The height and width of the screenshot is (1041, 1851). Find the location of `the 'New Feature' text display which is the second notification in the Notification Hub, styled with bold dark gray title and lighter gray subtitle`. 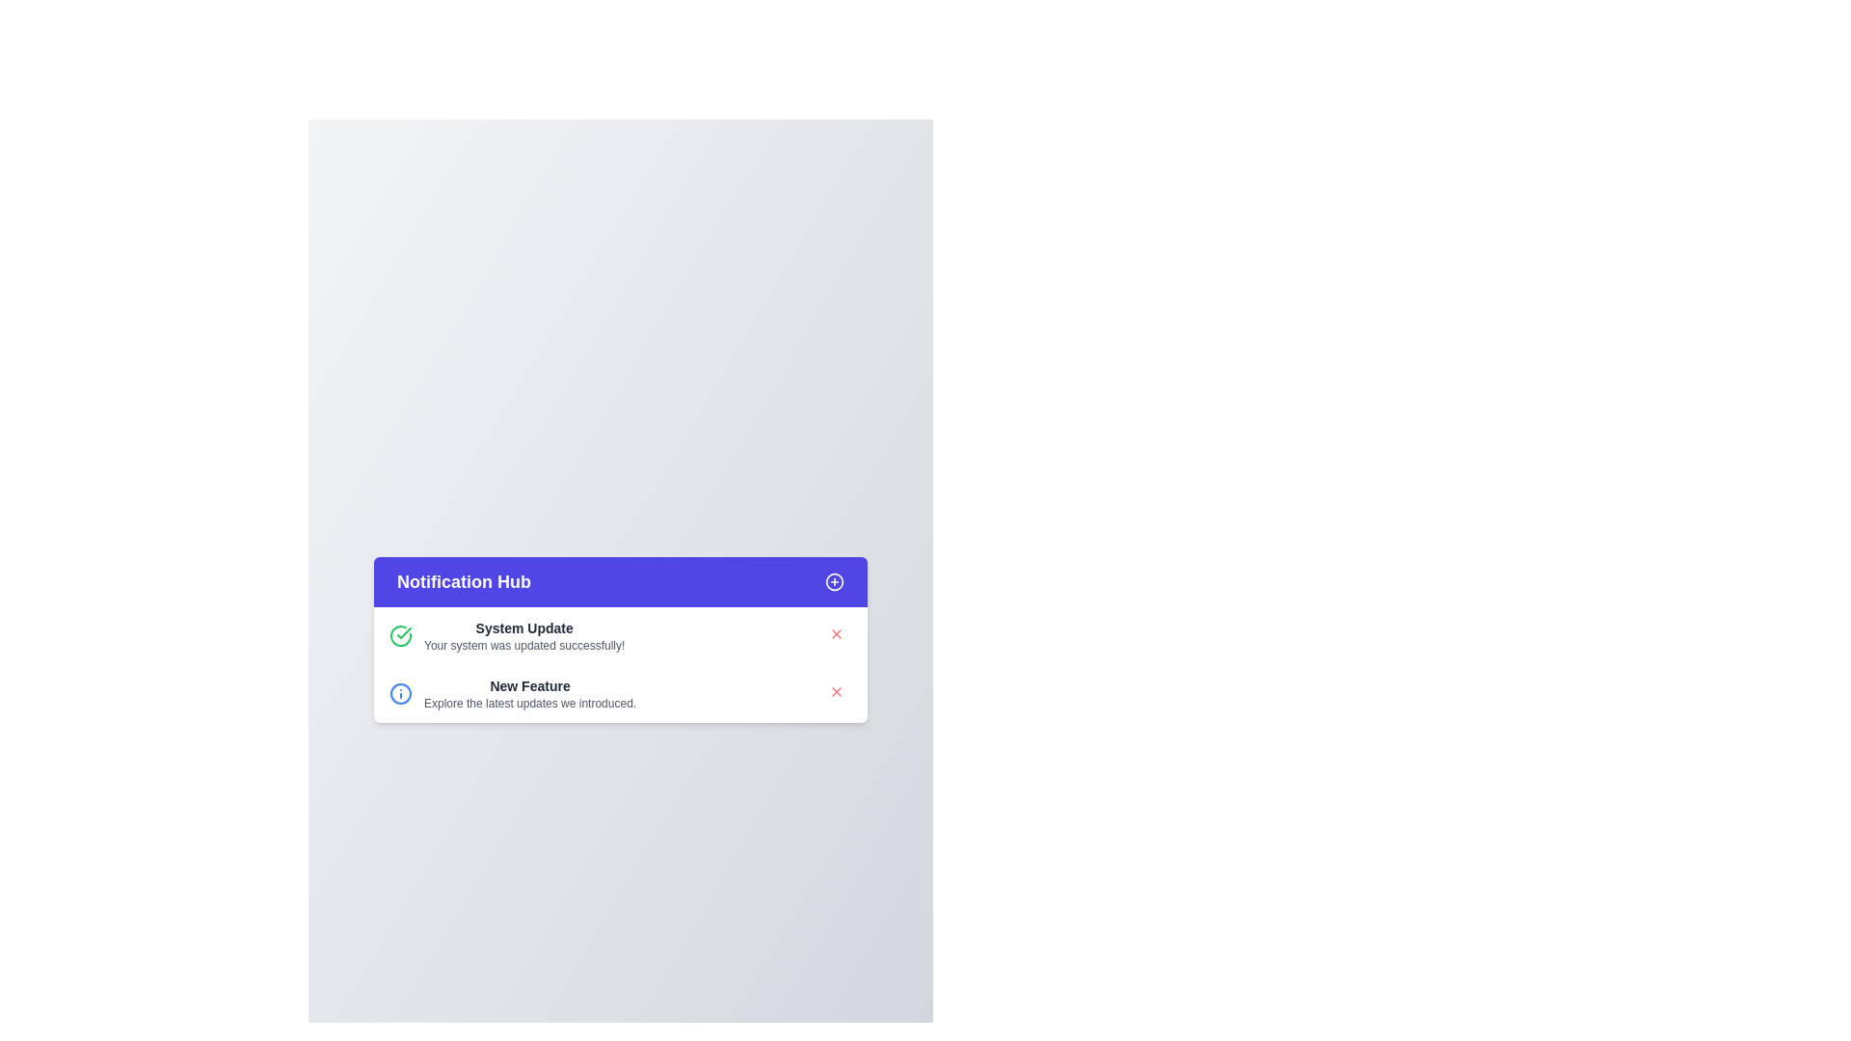

the 'New Feature' text display which is the second notification in the Notification Hub, styled with bold dark gray title and lighter gray subtitle is located at coordinates (530, 694).